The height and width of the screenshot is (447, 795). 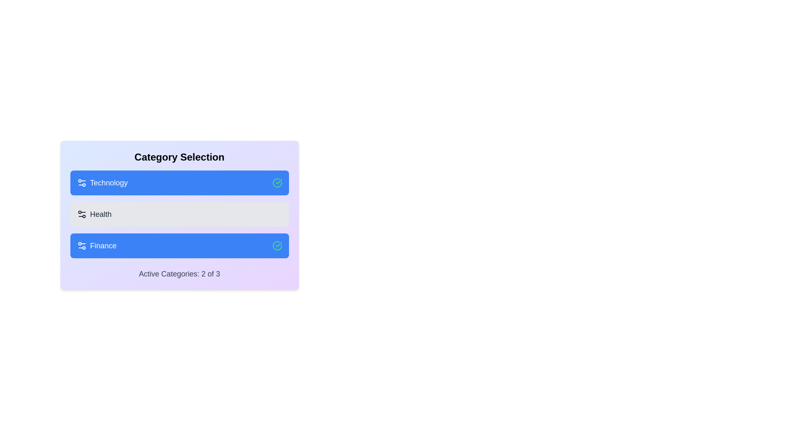 What do you see at coordinates (179, 183) in the screenshot?
I see `the 'Technology' category to toggle its active state` at bounding box center [179, 183].